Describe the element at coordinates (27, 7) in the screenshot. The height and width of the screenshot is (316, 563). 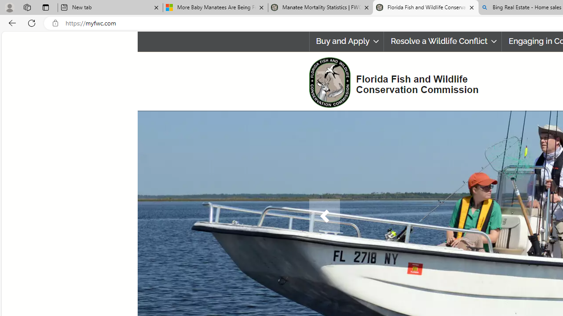
I see `'Workspaces'` at that location.